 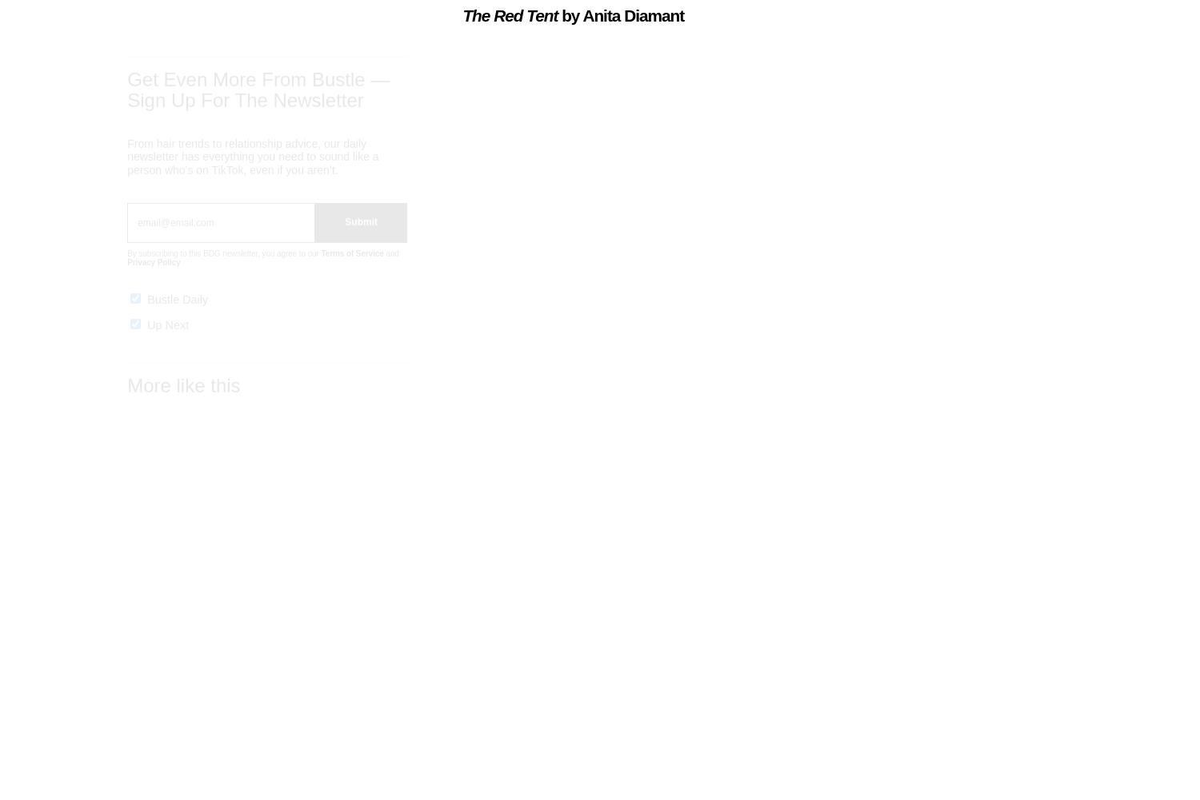 What do you see at coordinates (561, 14) in the screenshot?
I see `'by Anita Diamant'` at bounding box center [561, 14].